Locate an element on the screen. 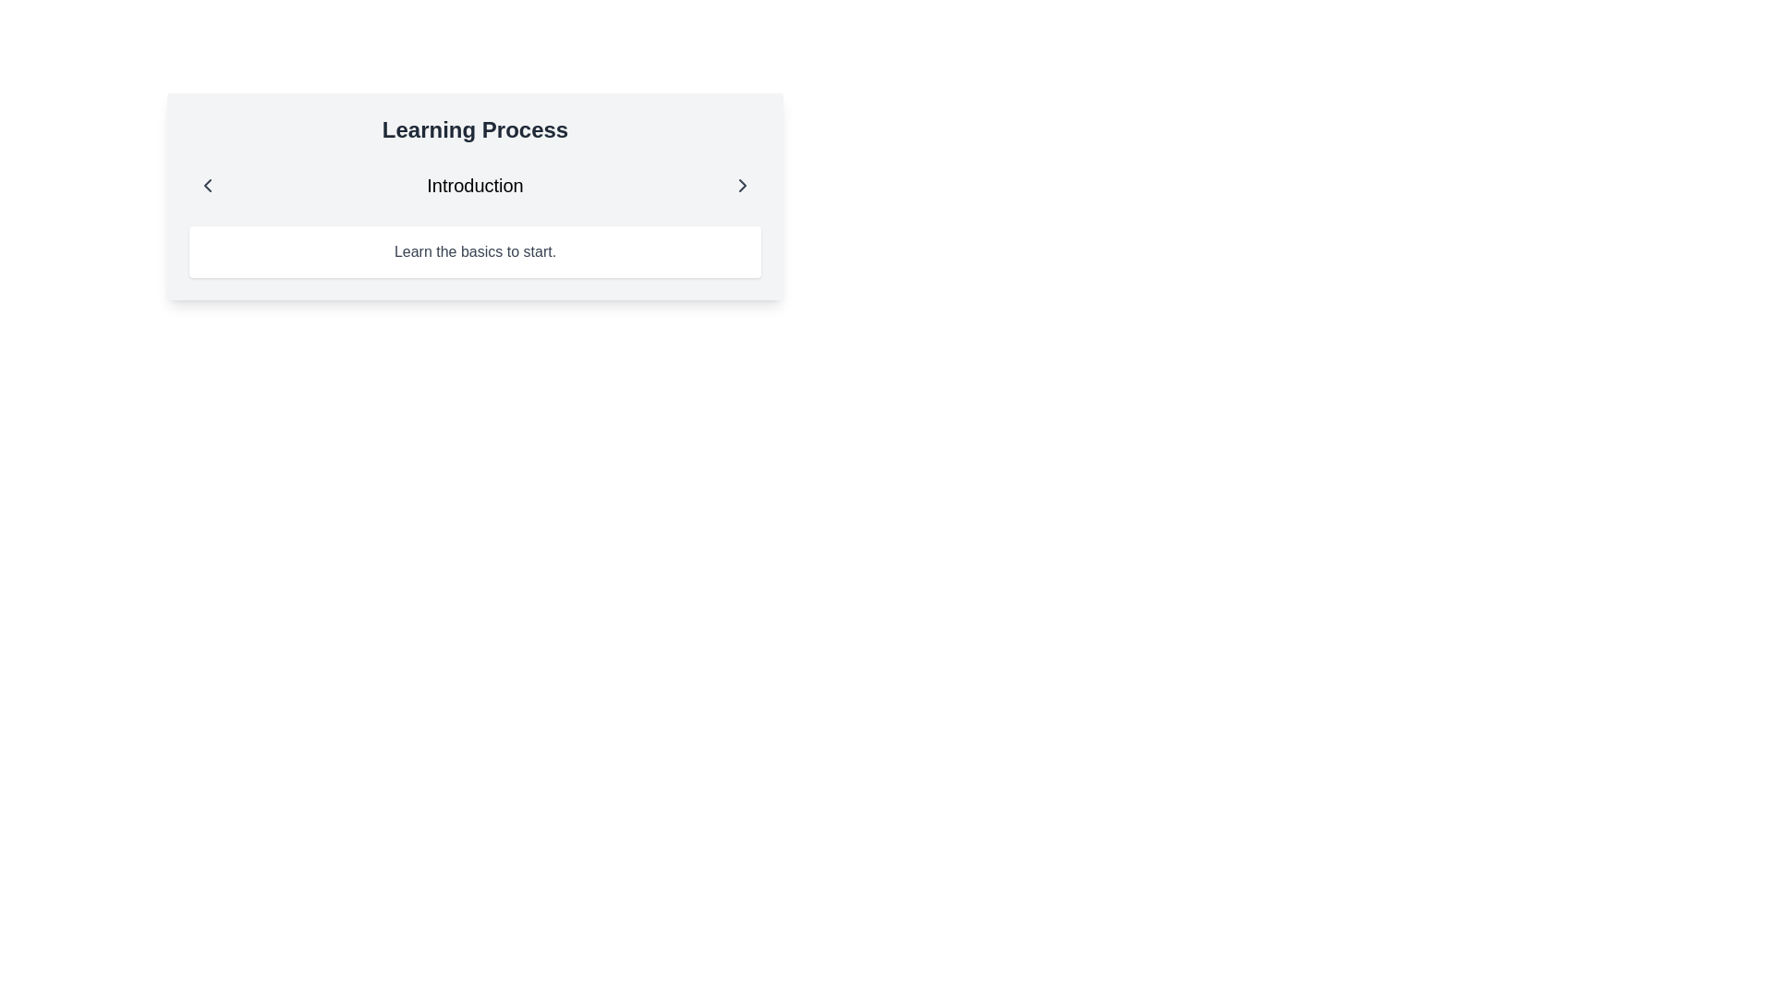 Image resolution: width=1774 pixels, height=998 pixels. the text label that says 'Learn the basics to start.' which is styled in gray and located beneath the header 'Introduction' is located at coordinates (475, 252).